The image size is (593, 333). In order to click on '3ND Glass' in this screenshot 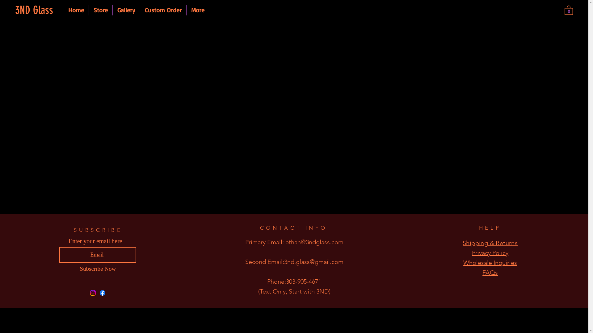, I will do `click(36, 10)`.